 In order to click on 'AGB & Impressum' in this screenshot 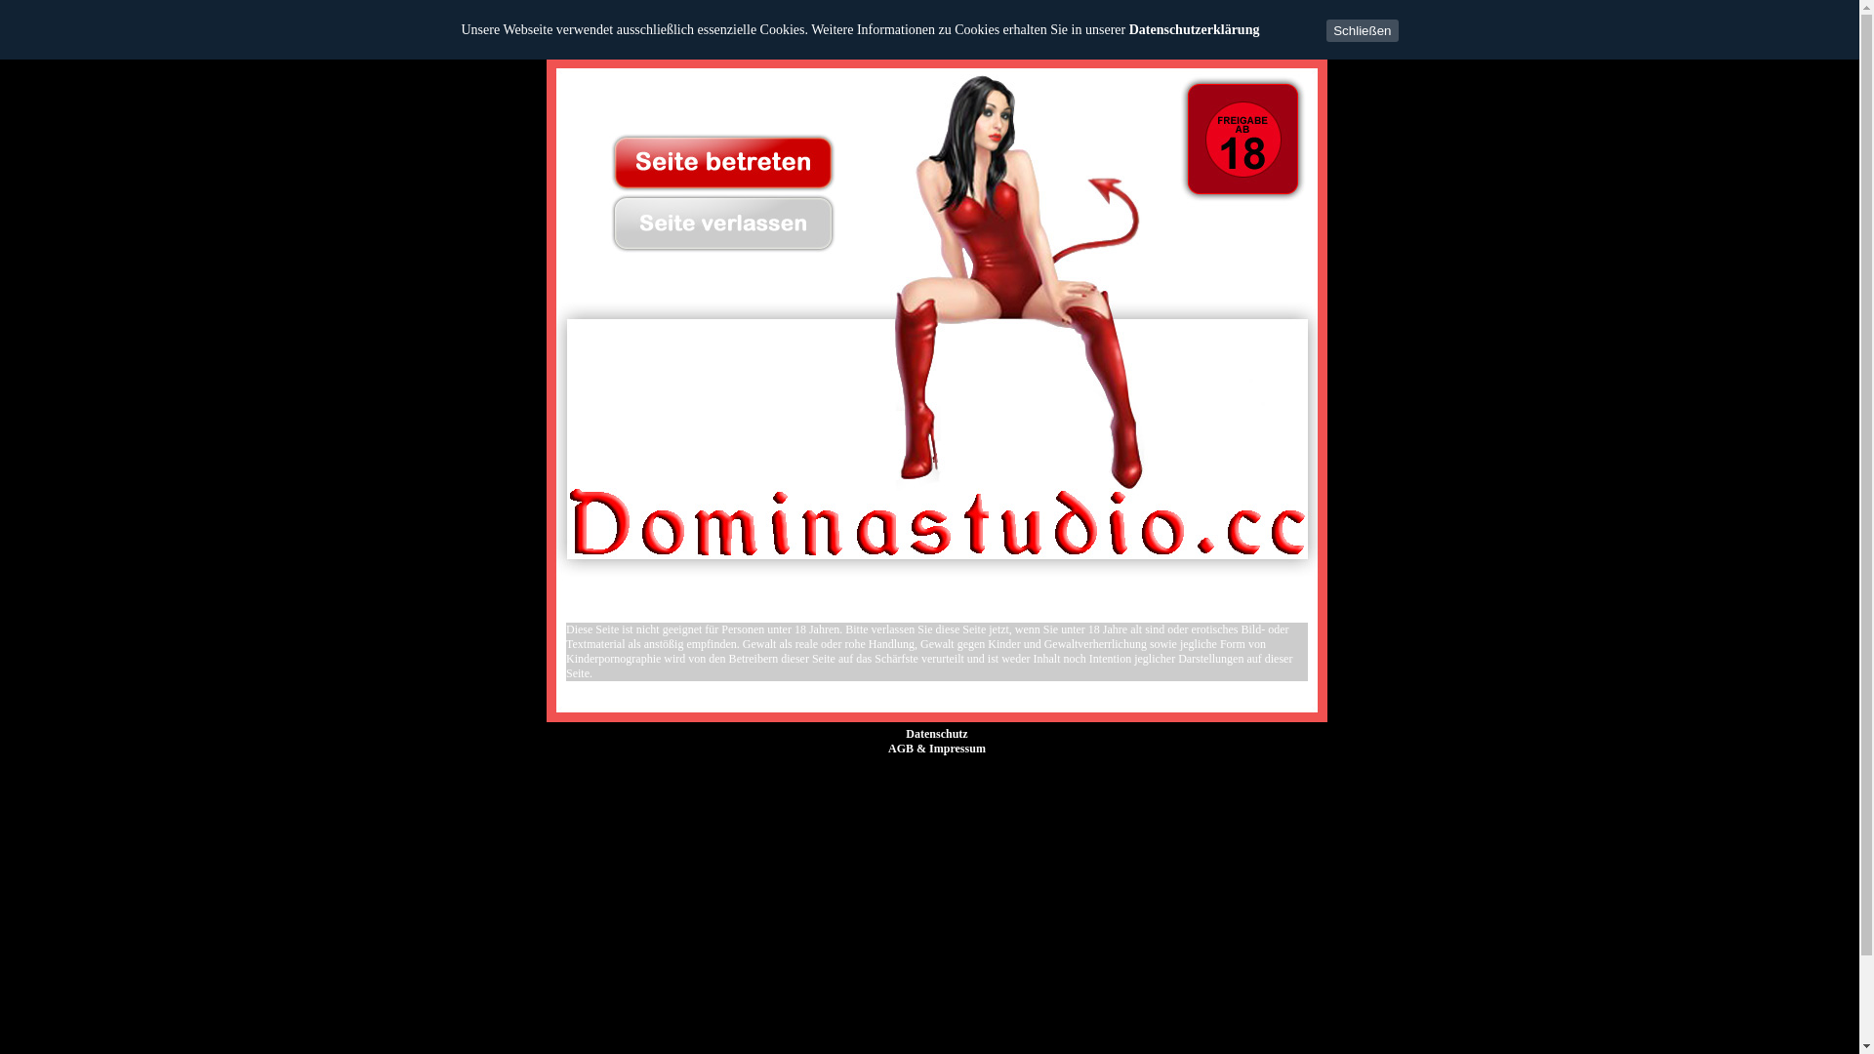, I will do `click(937, 748)`.